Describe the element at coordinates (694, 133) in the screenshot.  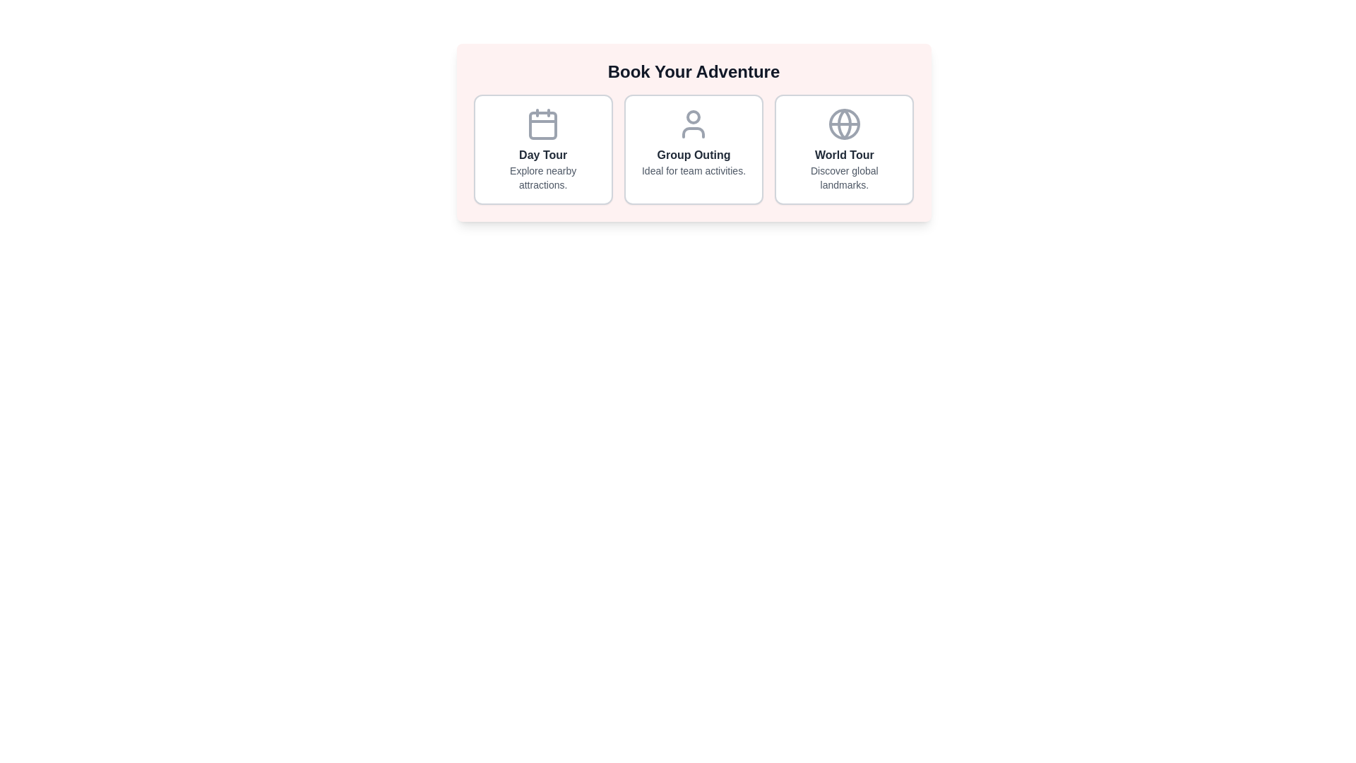
I see `the lower part of the user icon in the second card from the left beneath 'Group Outing' if it is interactive` at that location.